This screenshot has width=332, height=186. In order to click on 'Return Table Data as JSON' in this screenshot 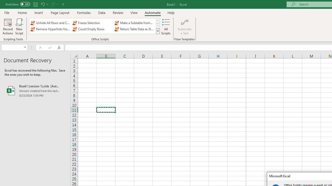, I will do `click(135, 29)`.